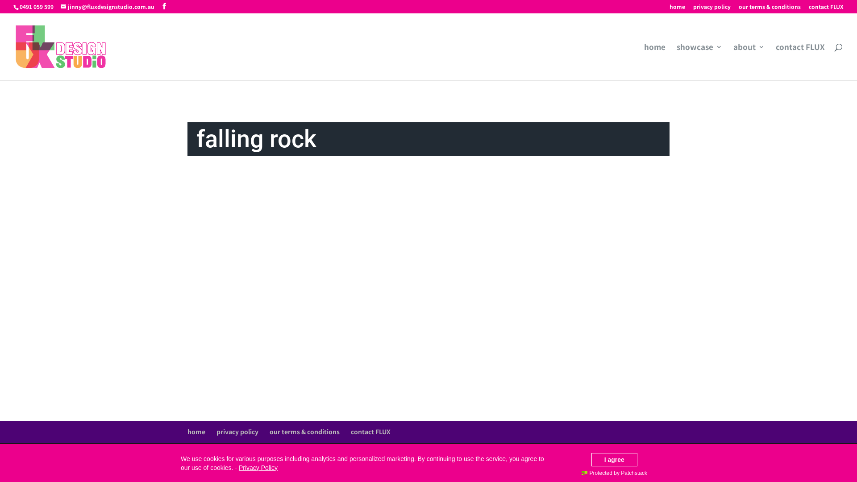  I want to click on 'jinny@fluxdesignstudio.com.au', so click(107, 6).